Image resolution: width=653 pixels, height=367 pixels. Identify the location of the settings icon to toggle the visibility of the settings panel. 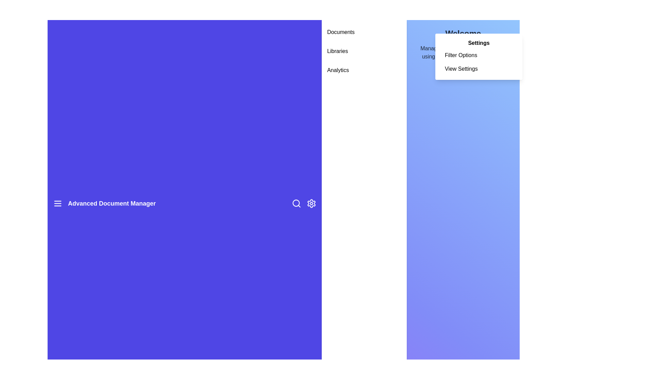
(311, 203).